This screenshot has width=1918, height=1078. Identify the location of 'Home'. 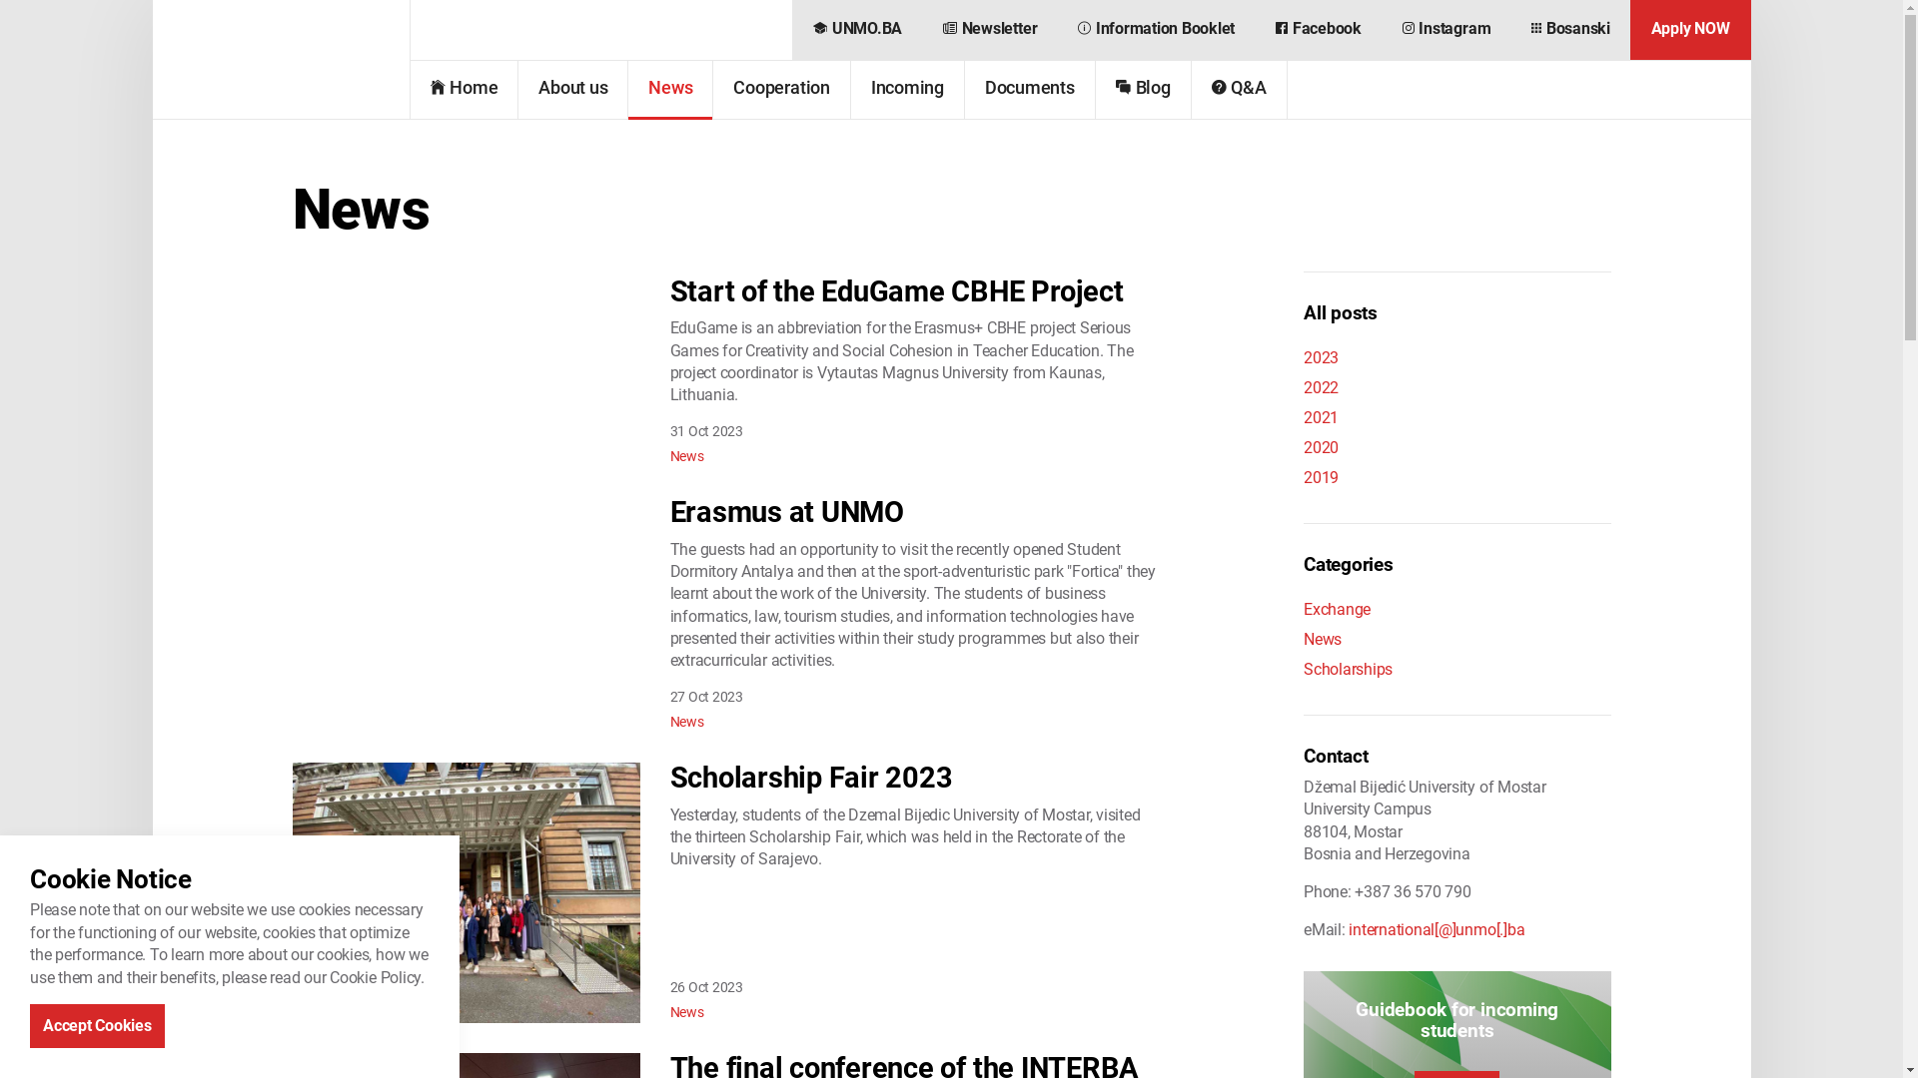
(463, 88).